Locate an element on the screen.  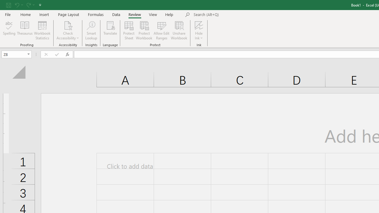
'Unshare Workbook' is located at coordinates (179, 30).